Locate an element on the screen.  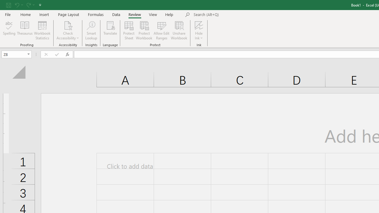
'Unshare Workbook' is located at coordinates (179, 30).